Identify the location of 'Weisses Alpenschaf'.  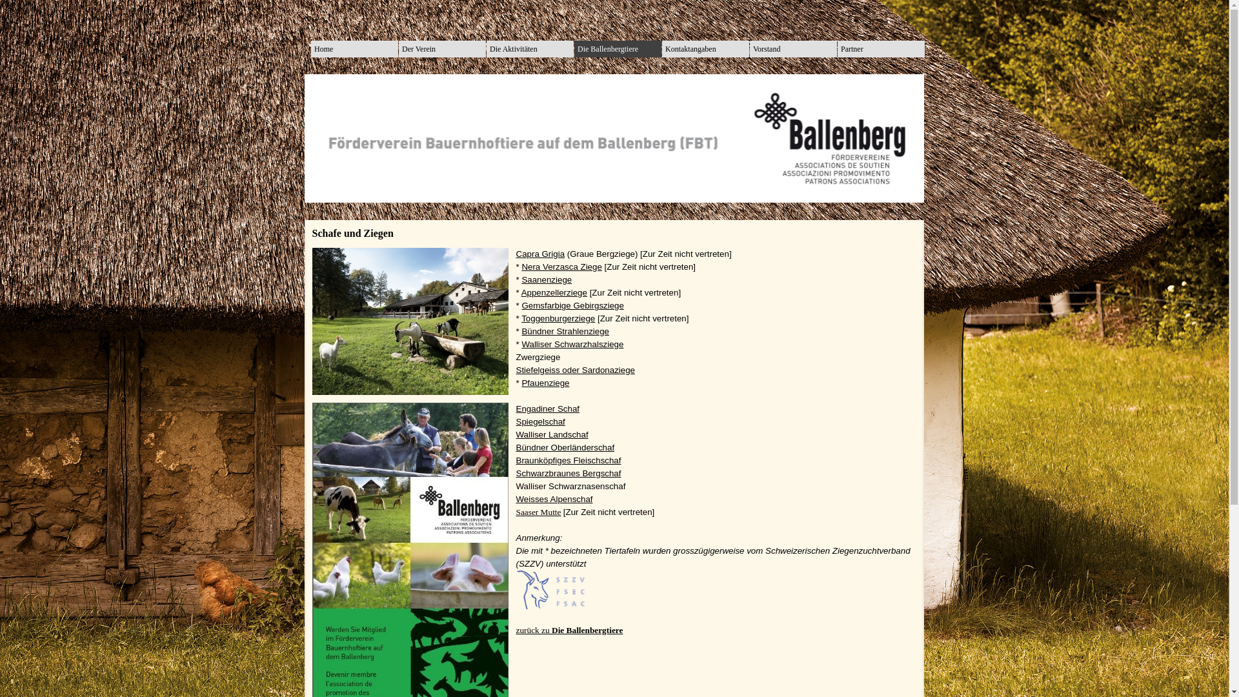
(554, 498).